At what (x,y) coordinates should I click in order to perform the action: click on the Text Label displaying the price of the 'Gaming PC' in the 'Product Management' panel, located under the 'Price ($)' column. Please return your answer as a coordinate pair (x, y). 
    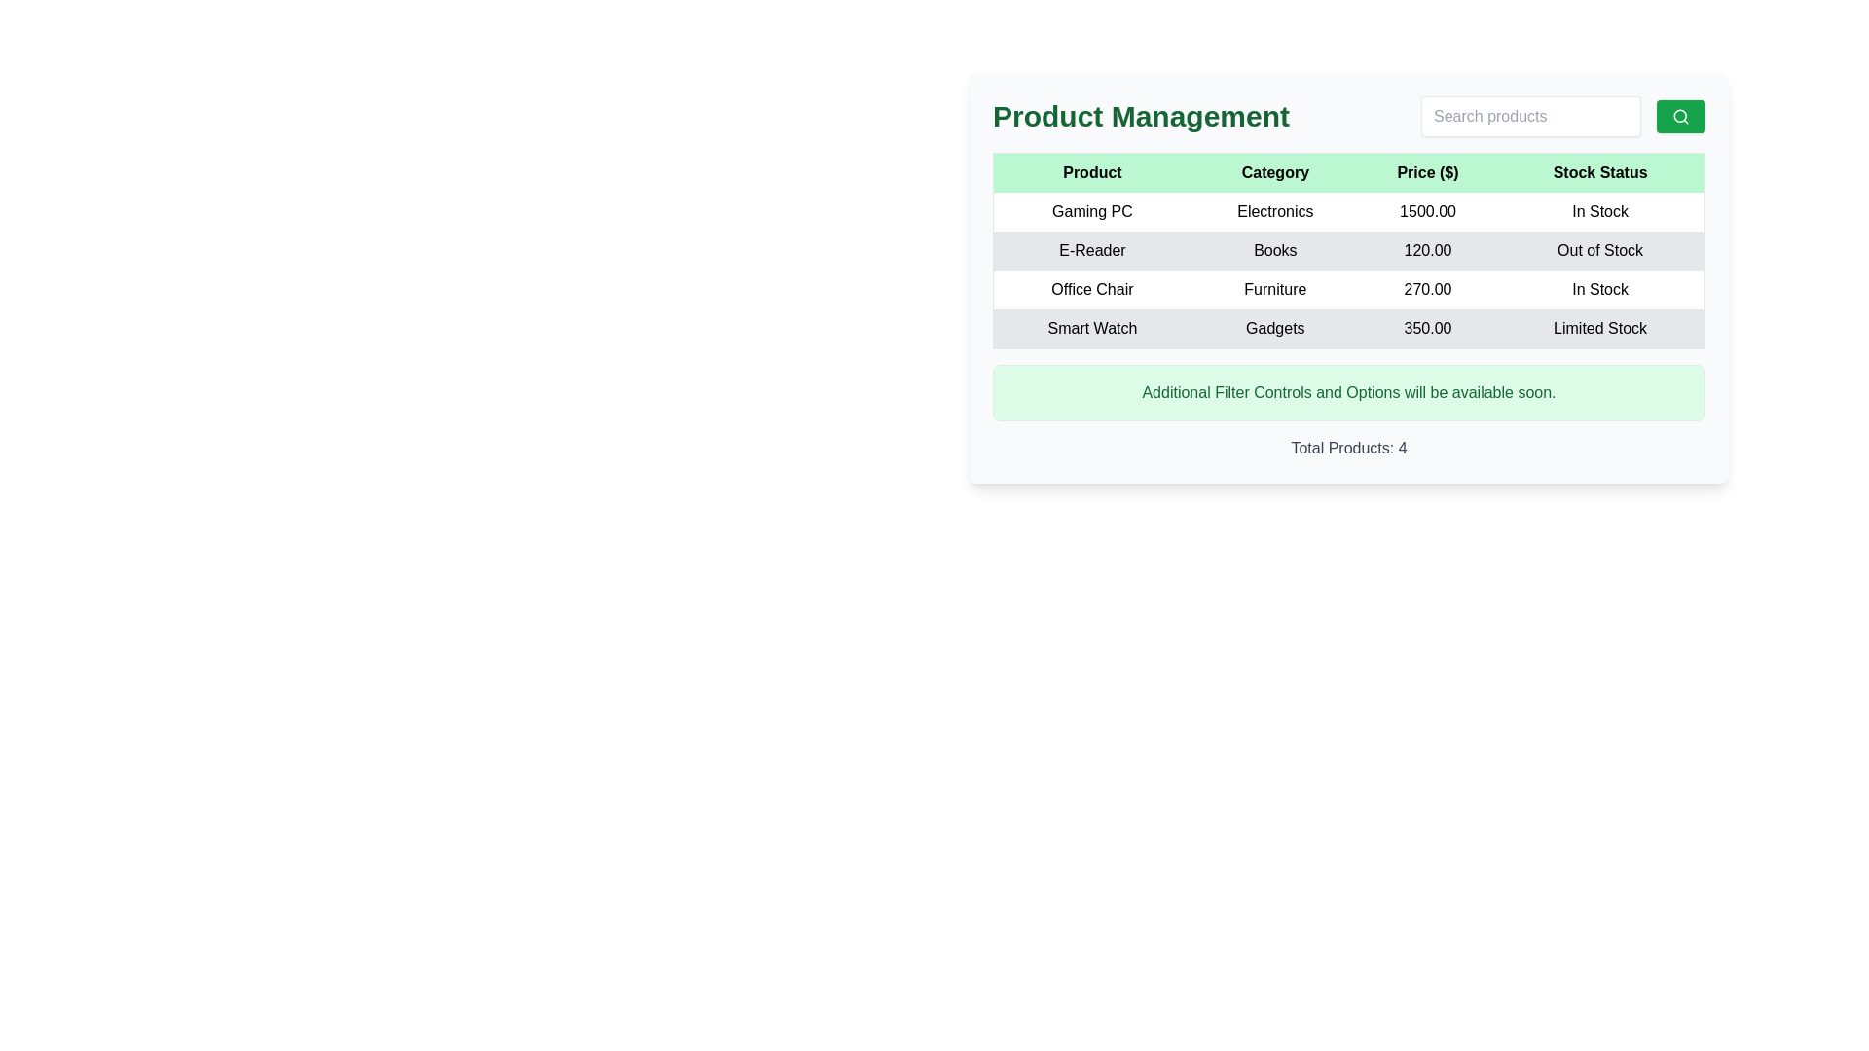
    Looking at the image, I should click on (1428, 212).